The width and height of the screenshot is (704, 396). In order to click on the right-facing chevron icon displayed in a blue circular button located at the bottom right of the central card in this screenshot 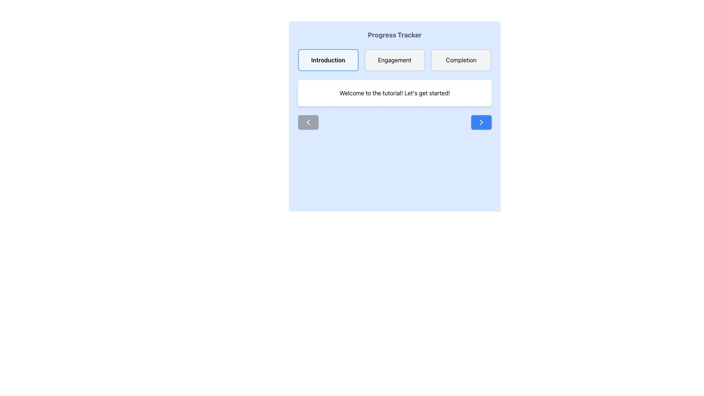, I will do `click(481, 122)`.